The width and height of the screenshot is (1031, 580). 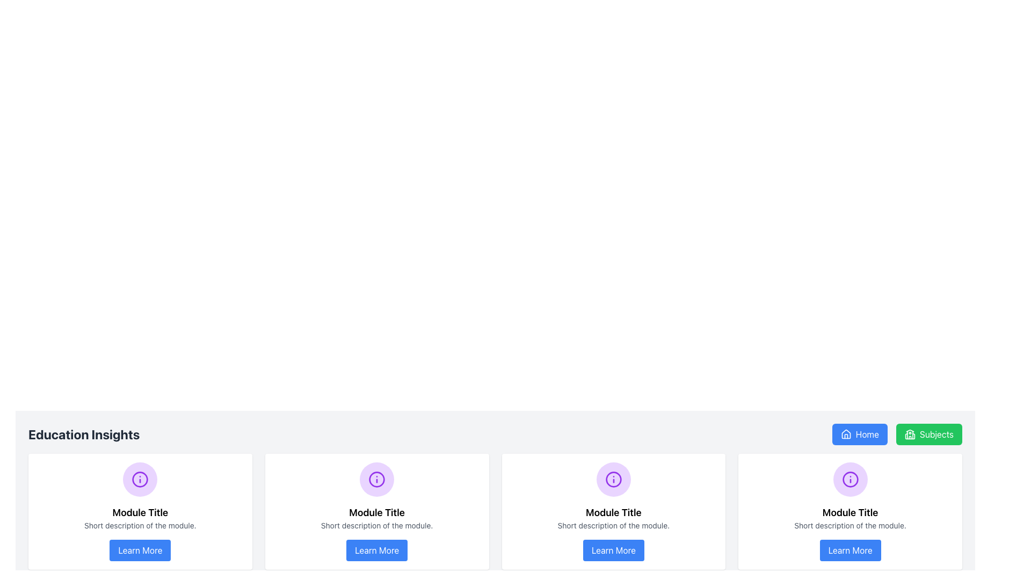 What do you see at coordinates (140, 479) in the screenshot?
I see `the circular icon with a purple background and an informational symbol (letter 'i'), located in the center of the first module card above the title 'Module Title'` at bounding box center [140, 479].